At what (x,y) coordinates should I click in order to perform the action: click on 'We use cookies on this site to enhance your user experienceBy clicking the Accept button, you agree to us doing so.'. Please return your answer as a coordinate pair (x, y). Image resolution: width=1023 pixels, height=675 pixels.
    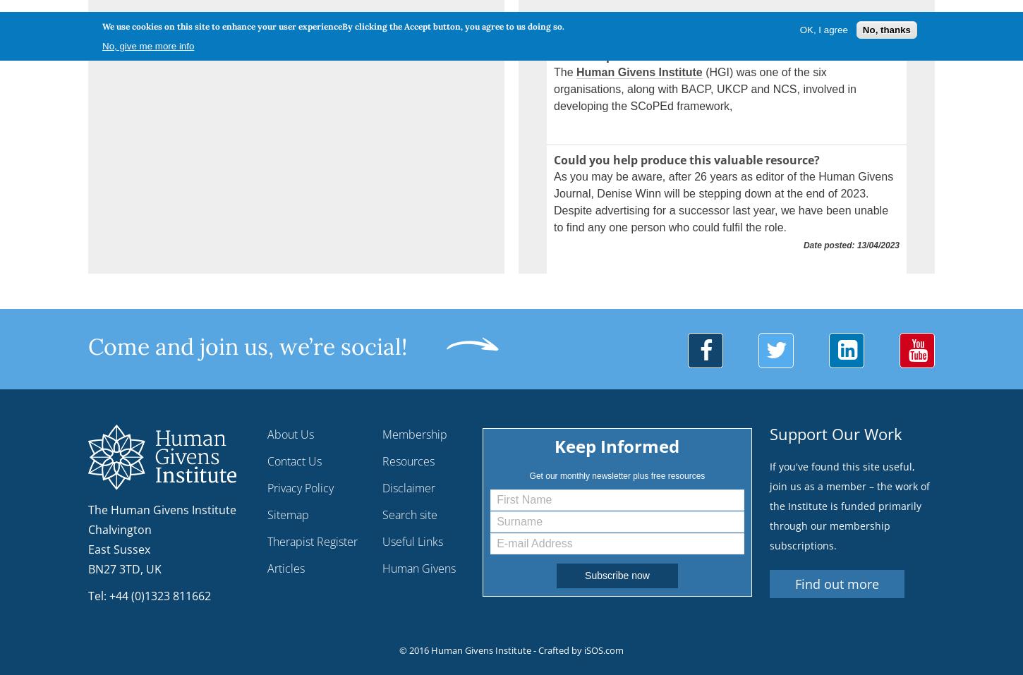
    Looking at the image, I should click on (332, 25).